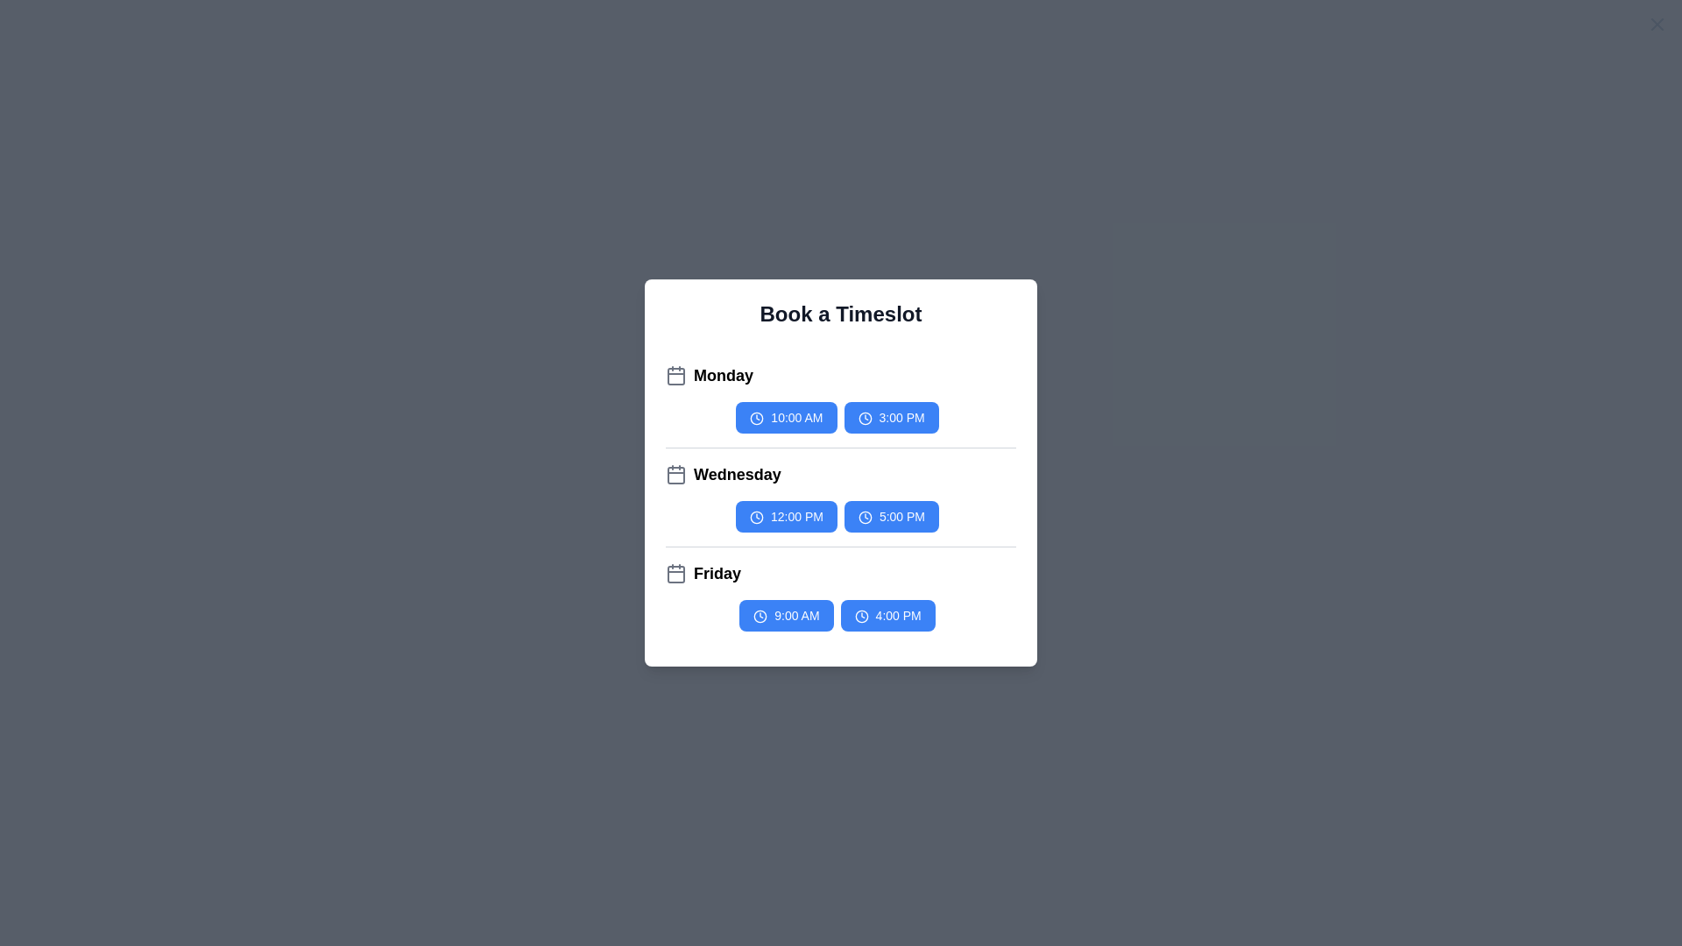  I want to click on the timeslot button labeled 5:00 PM, so click(891, 516).